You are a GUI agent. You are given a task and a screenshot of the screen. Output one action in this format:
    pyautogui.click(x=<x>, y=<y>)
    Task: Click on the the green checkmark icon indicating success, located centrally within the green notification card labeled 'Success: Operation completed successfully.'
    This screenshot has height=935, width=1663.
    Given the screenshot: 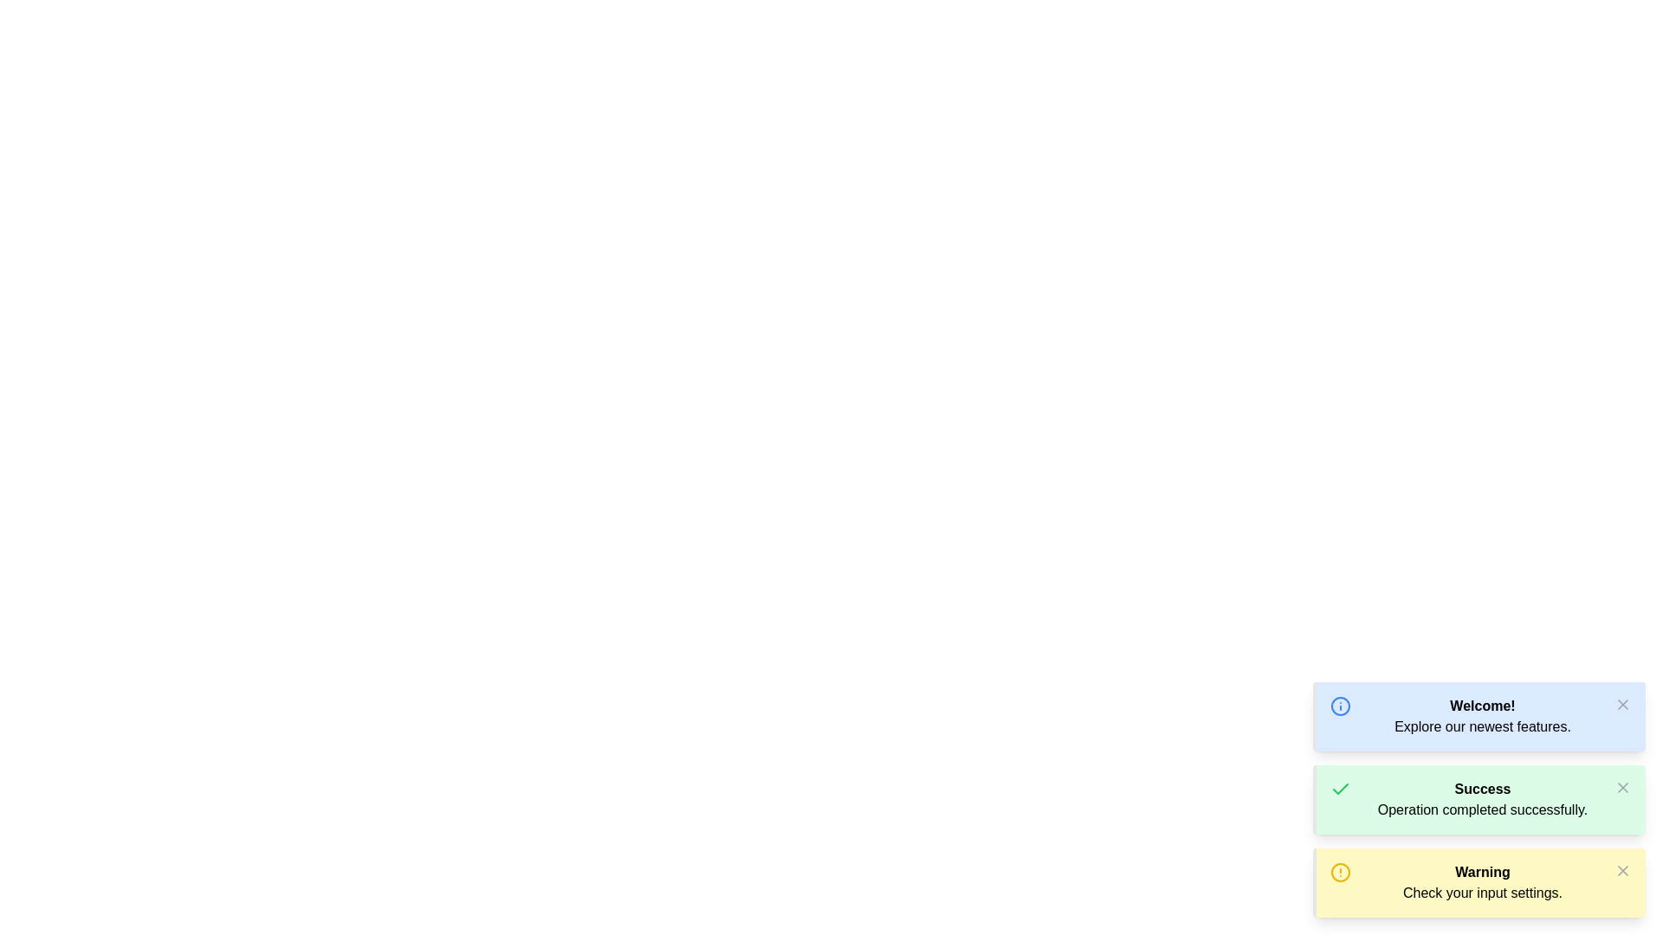 What is the action you would take?
    pyautogui.click(x=1340, y=788)
    